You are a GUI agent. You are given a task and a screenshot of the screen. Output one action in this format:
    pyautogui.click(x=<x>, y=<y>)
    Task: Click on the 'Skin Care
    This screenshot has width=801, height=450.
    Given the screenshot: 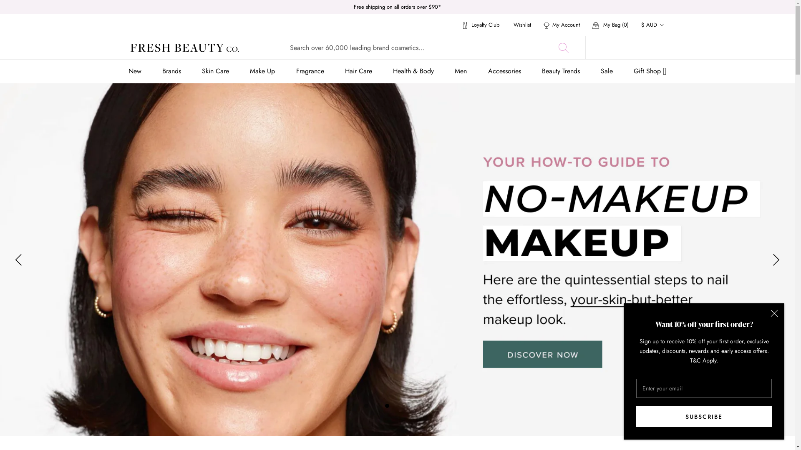 What is the action you would take?
    pyautogui.click(x=215, y=70)
    